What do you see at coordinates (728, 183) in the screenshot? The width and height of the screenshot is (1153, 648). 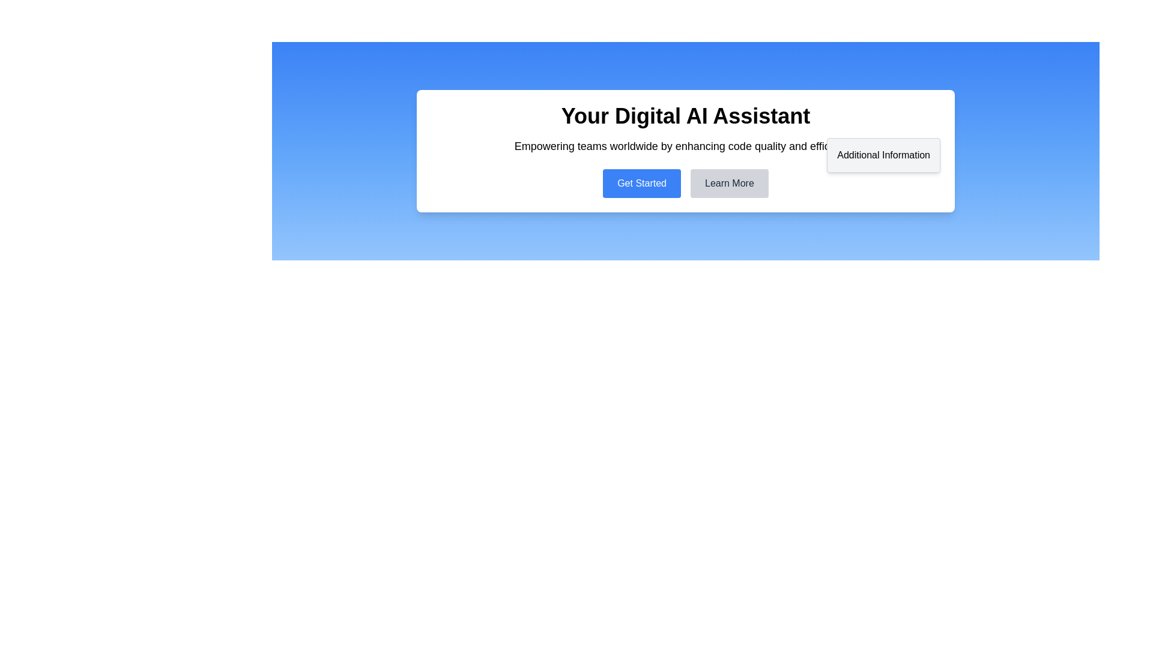 I see `the 'Learn More' button, which is a rectangular button with a gray background and black text, located to the right of the 'Get Started' button at the lower center of the white card` at bounding box center [728, 183].